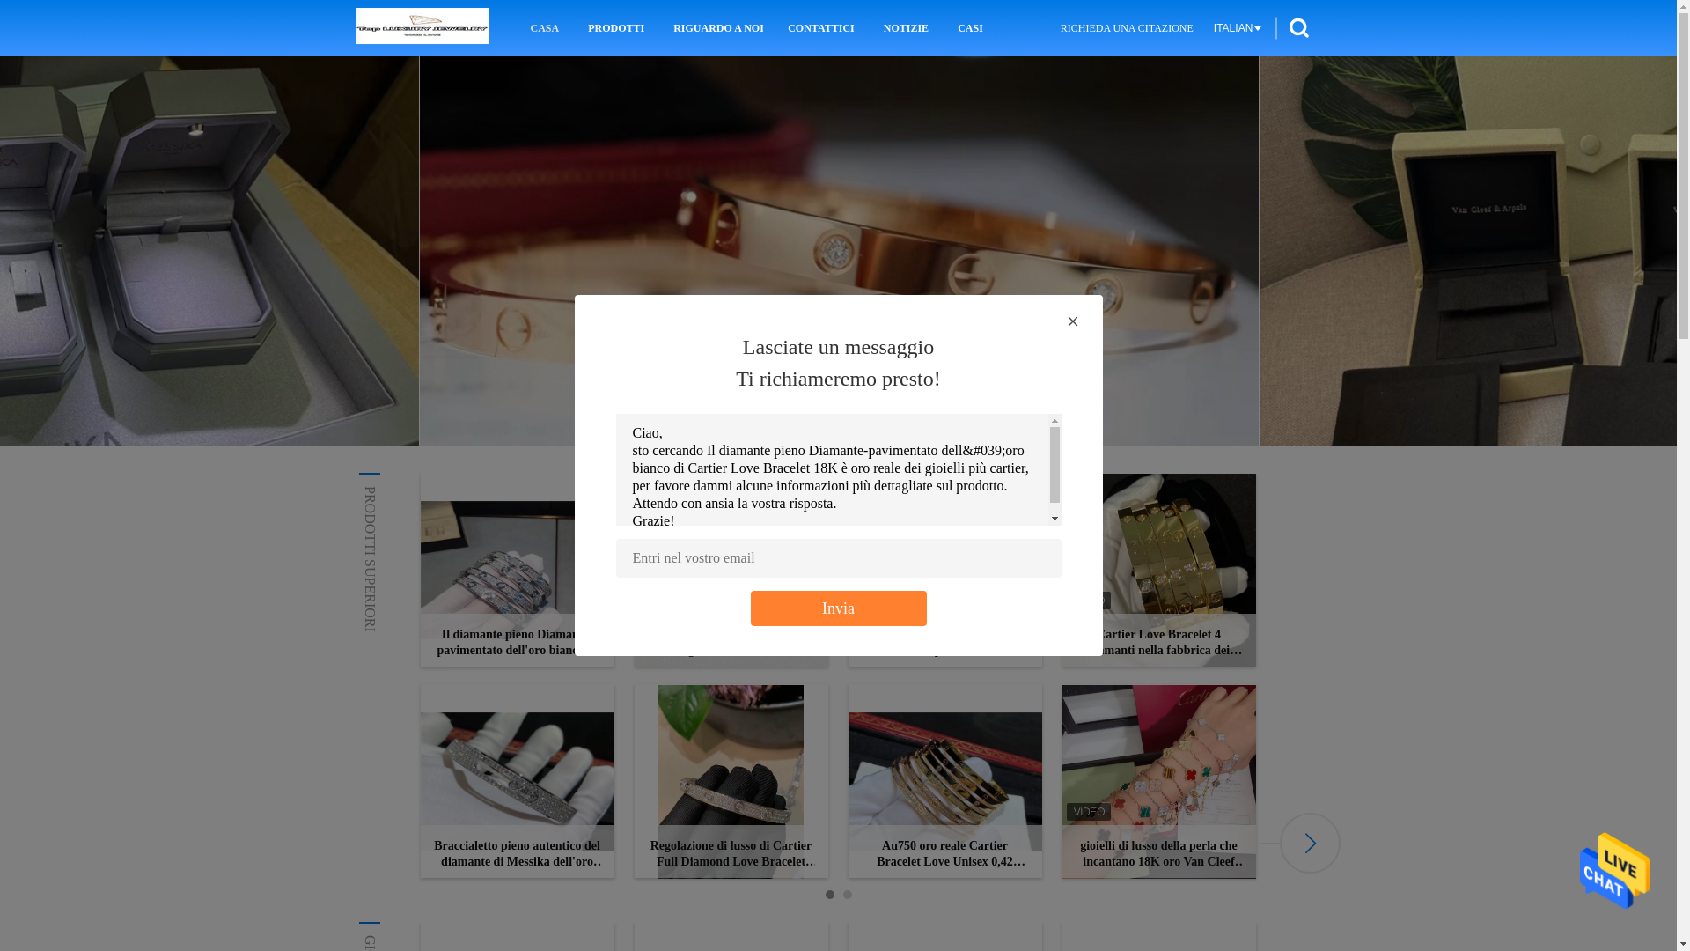  What do you see at coordinates (716, 27) in the screenshot?
I see `'RIGUARDO A NOI'` at bounding box center [716, 27].